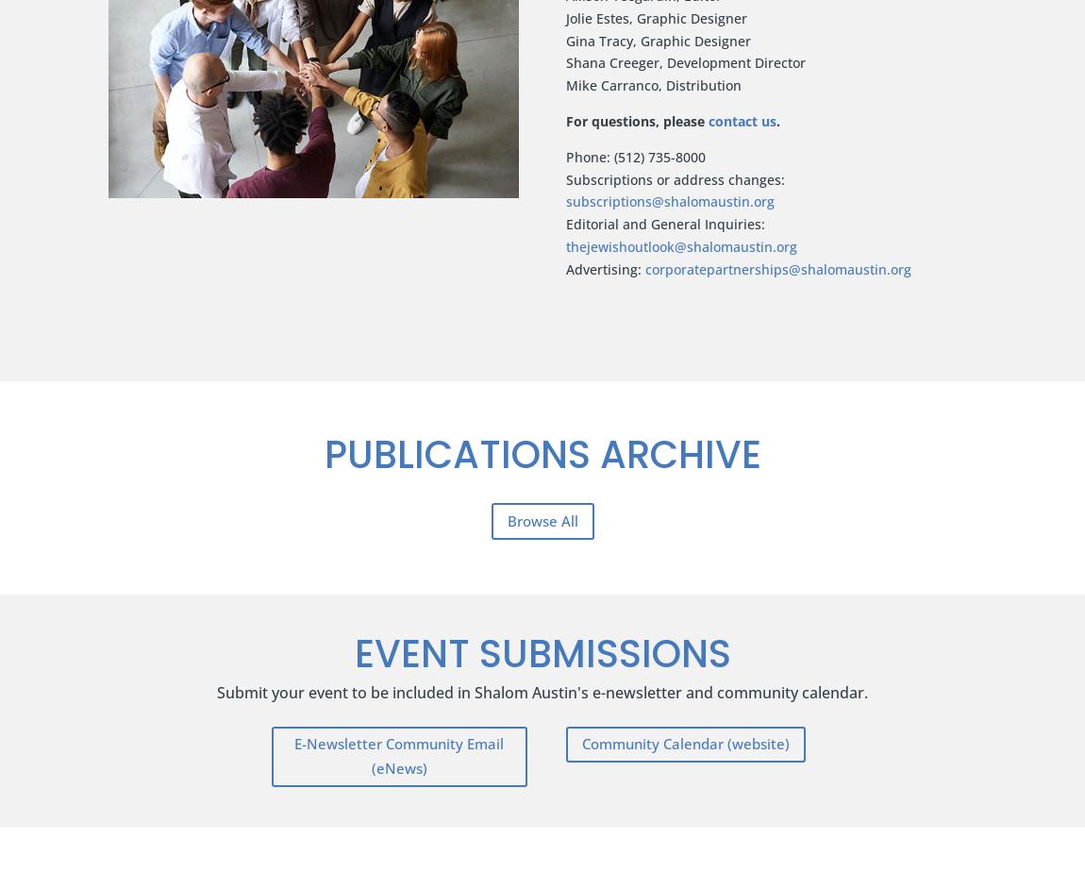 This screenshot has height=889, width=1085. I want to click on 'Shana Creeger, Development Director', so click(685, 61).